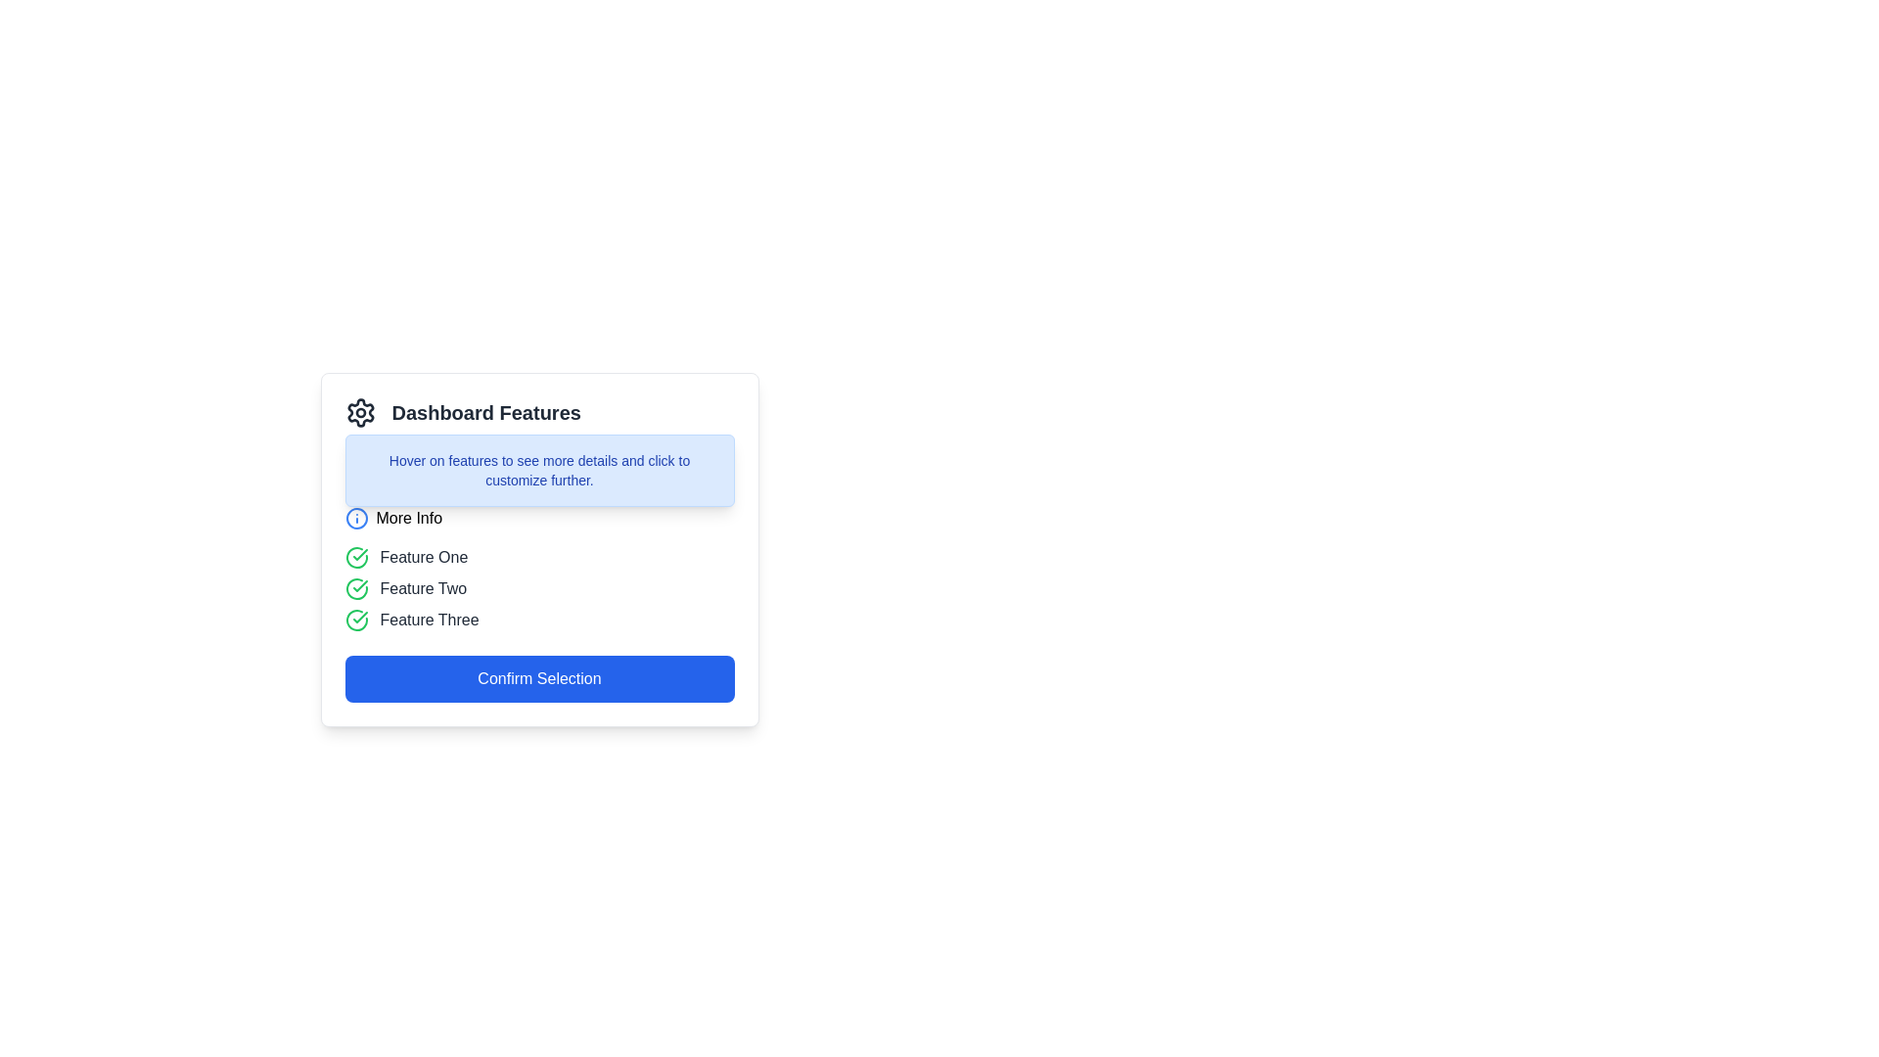  I want to click on the graphical icon indicating the status of 'Feature Two' under the 'Dashboard Features' section by clicking on it, so click(356, 587).